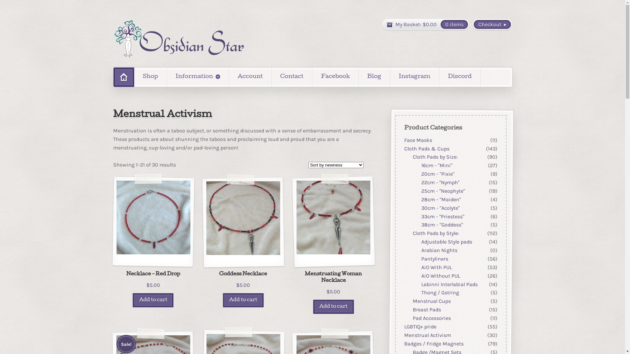  Describe the element at coordinates (436, 165) in the screenshot. I see `'16cm - "Mini"'` at that location.